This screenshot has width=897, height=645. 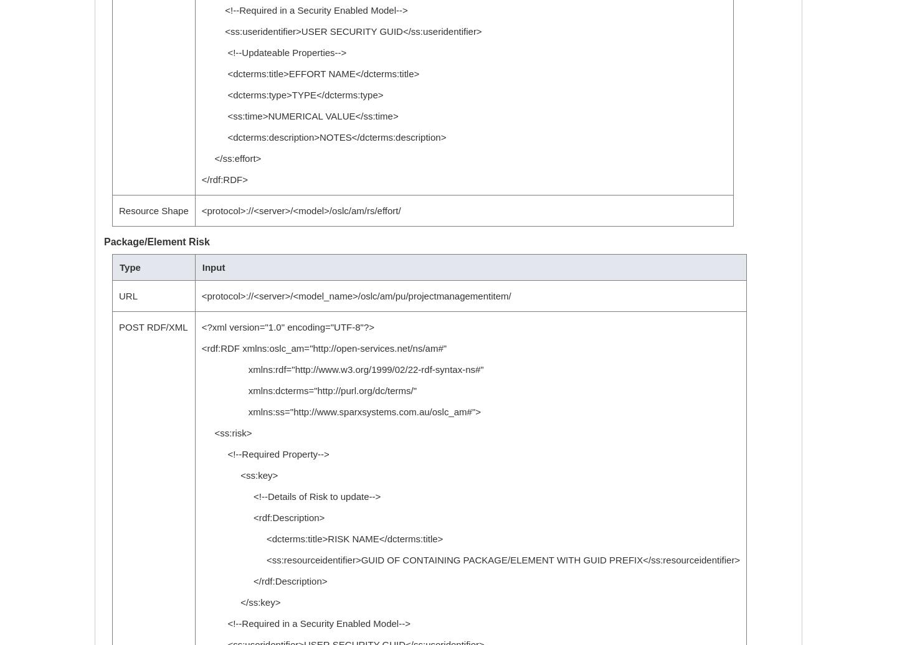 What do you see at coordinates (201, 327) in the screenshot?
I see `'<?xml version="1.0" encoding="UTF-8"?>'` at bounding box center [201, 327].